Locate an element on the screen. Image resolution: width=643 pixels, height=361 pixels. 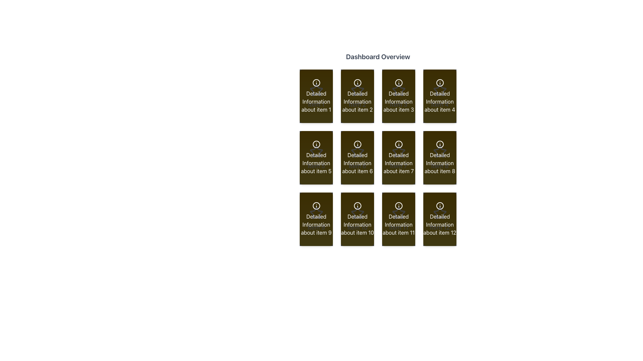
the Text Label displaying 'Detailed Information about item 3' with a dark brown background and white text, located in the first row and third column of the grid layout is located at coordinates (399, 102).